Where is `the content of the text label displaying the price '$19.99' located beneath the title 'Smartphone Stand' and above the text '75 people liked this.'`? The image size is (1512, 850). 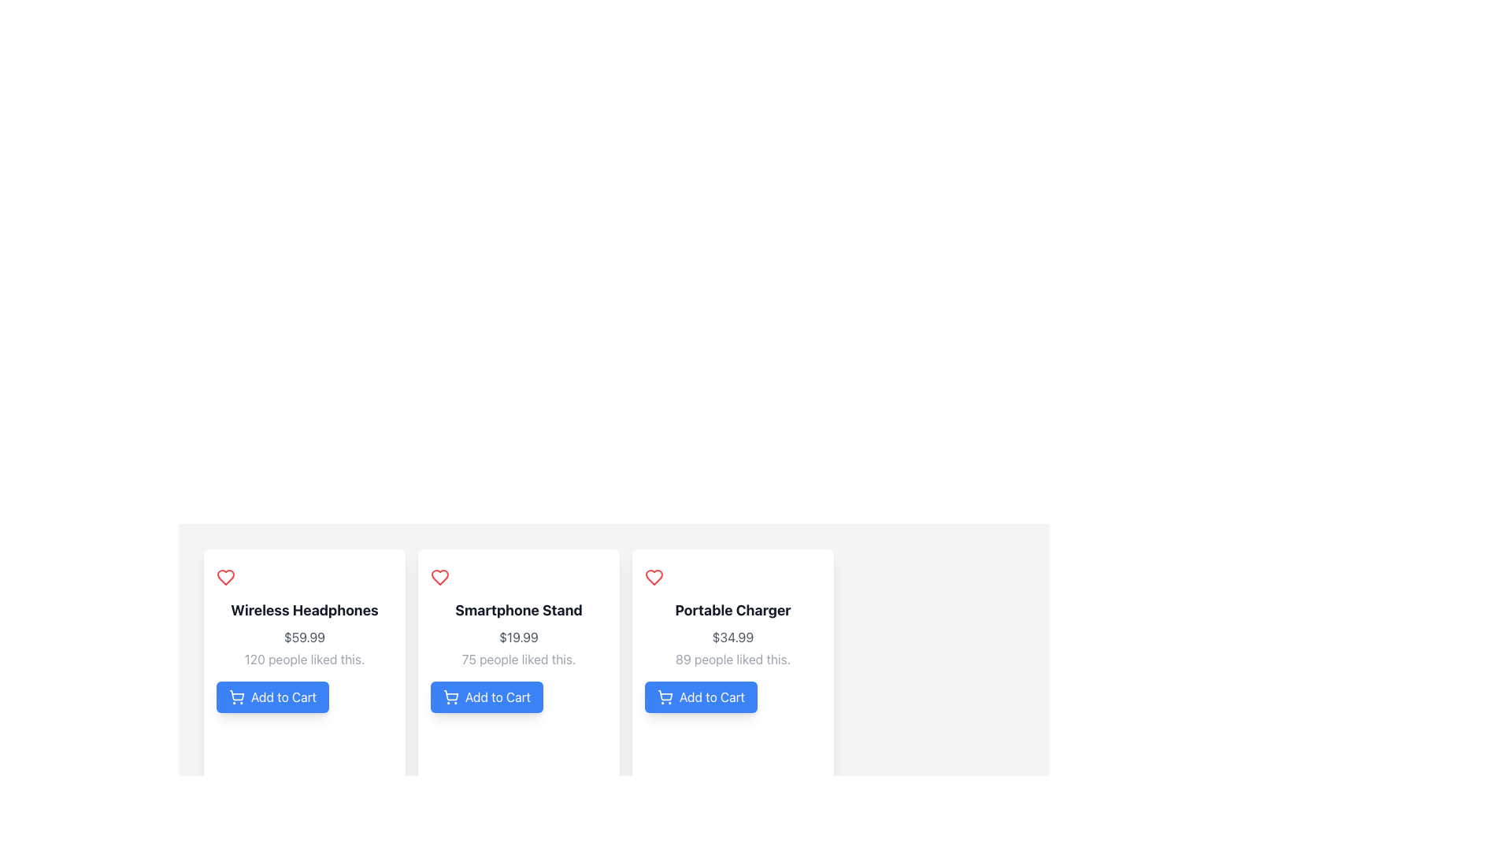
the content of the text label displaying the price '$19.99' located beneath the title 'Smartphone Stand' and above the text '75 people liked this.' is located at coordinates (518, 637).